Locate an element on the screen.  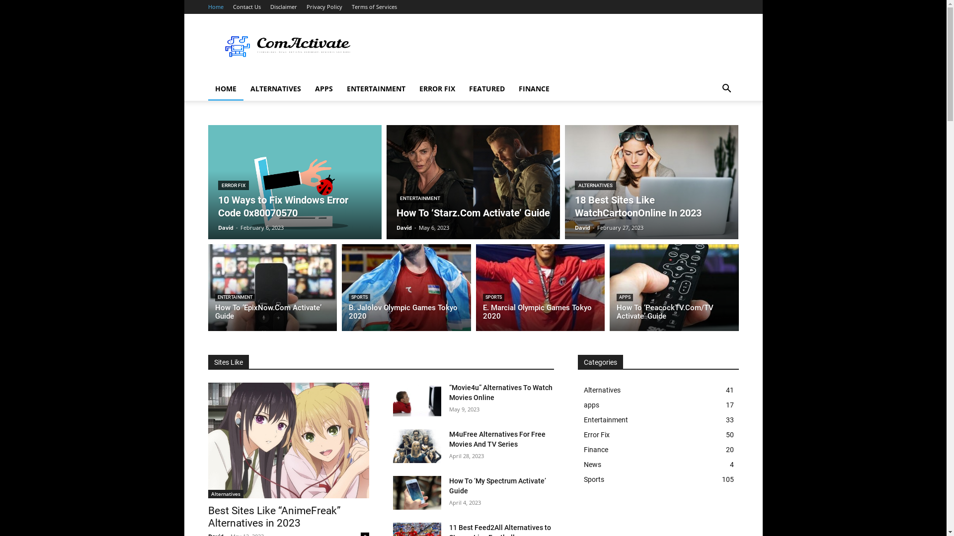
'Terms of Services' is located at coordinates (374, 6).